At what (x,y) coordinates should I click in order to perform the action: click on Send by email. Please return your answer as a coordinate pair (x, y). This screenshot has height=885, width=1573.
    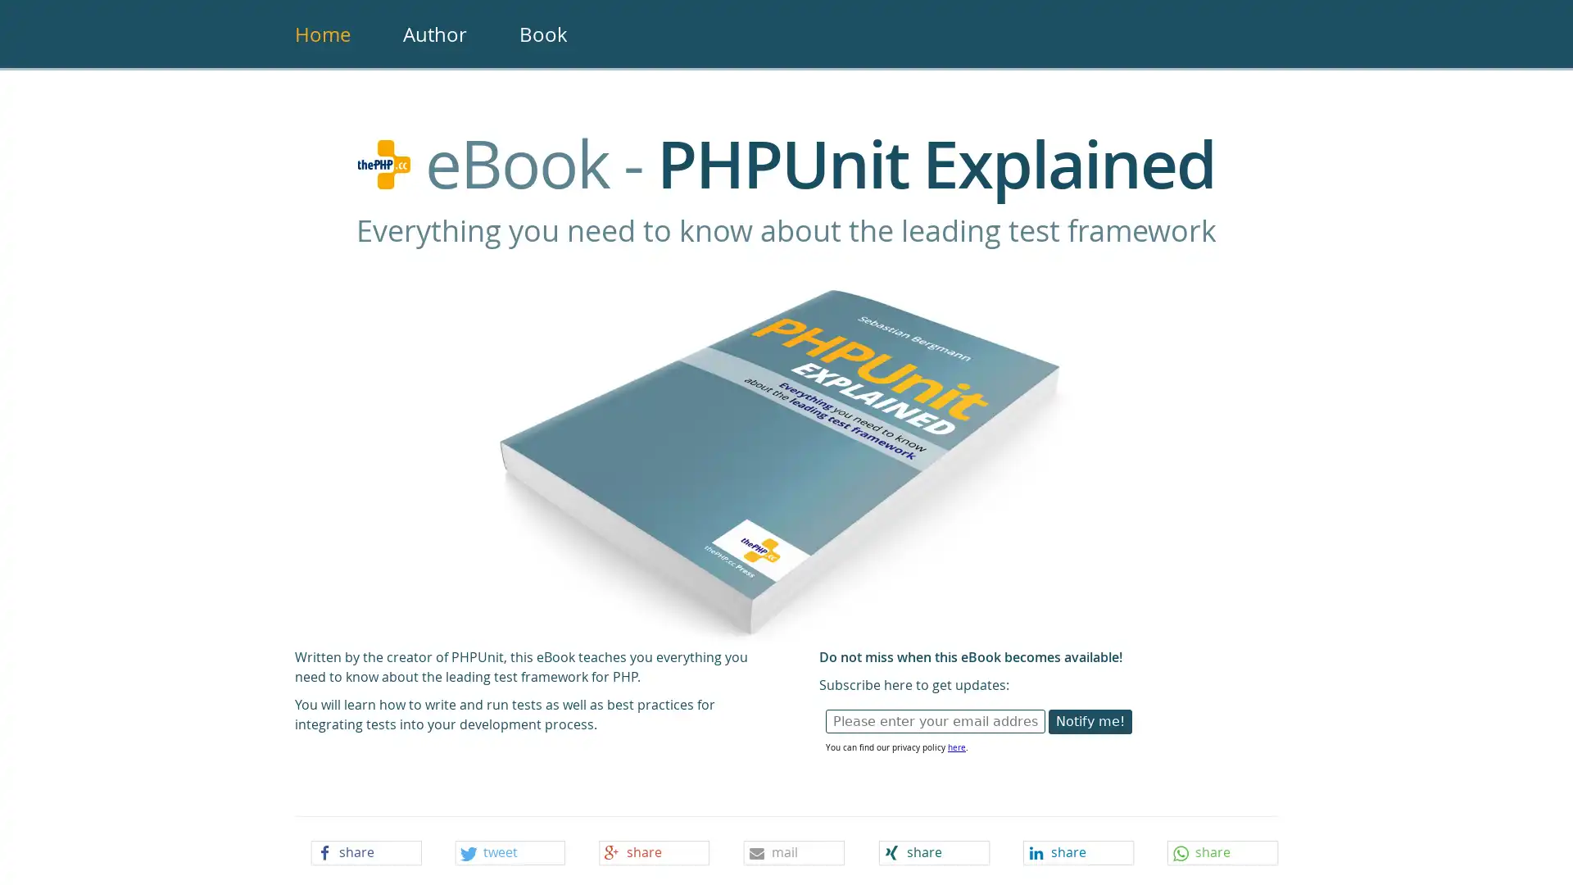
    Looking at the image, I should click on (794, 852).